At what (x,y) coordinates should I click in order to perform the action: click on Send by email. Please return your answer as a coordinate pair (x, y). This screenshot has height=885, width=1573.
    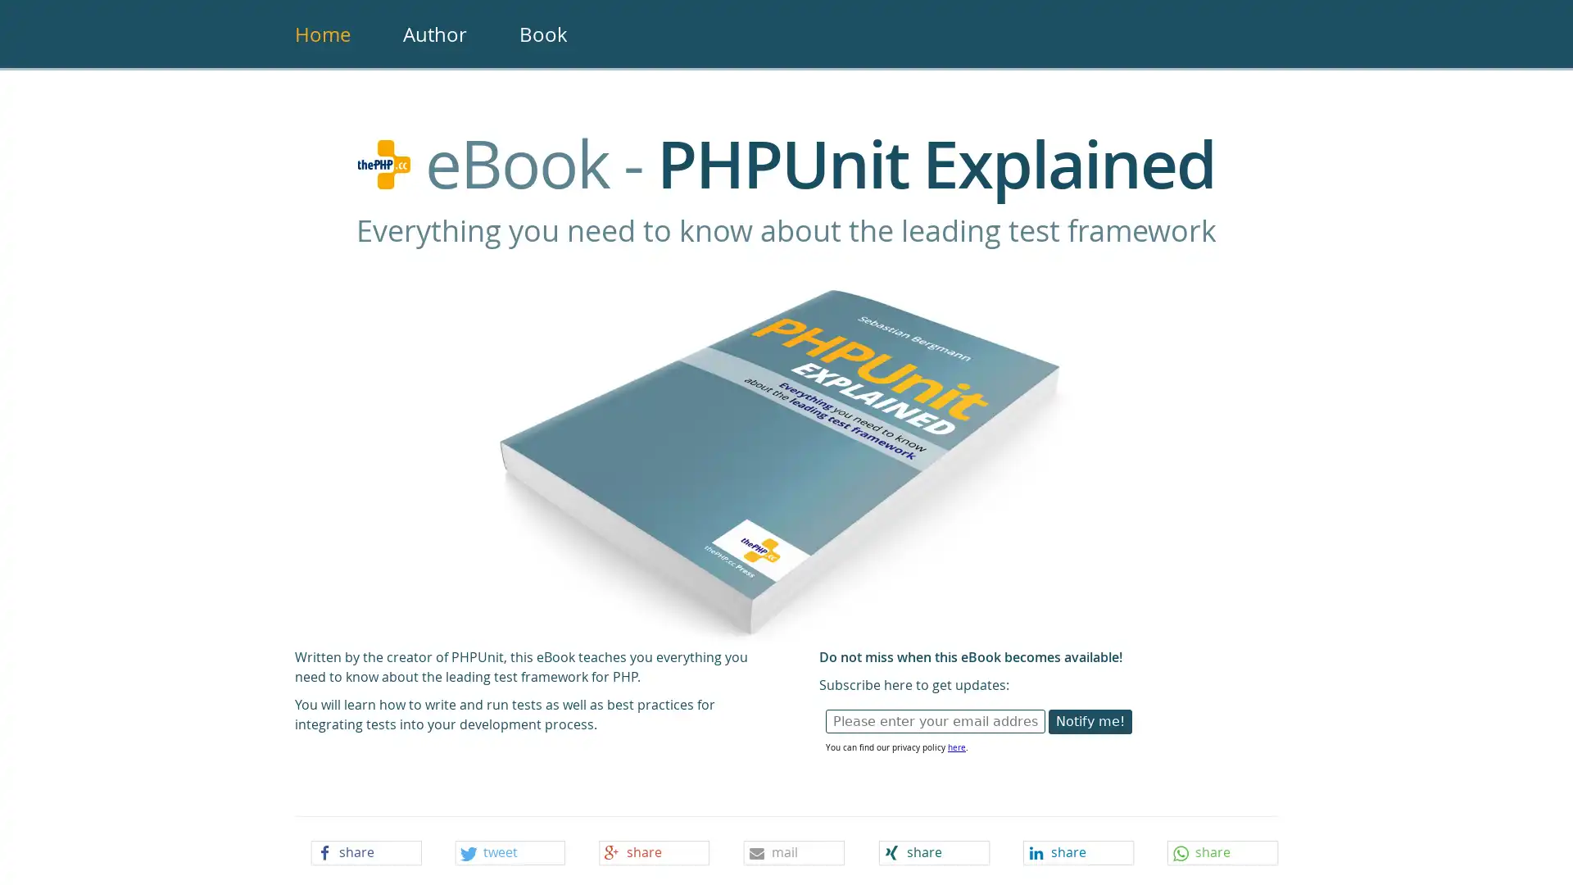
    Looking at the image, I should click on (794, 852).